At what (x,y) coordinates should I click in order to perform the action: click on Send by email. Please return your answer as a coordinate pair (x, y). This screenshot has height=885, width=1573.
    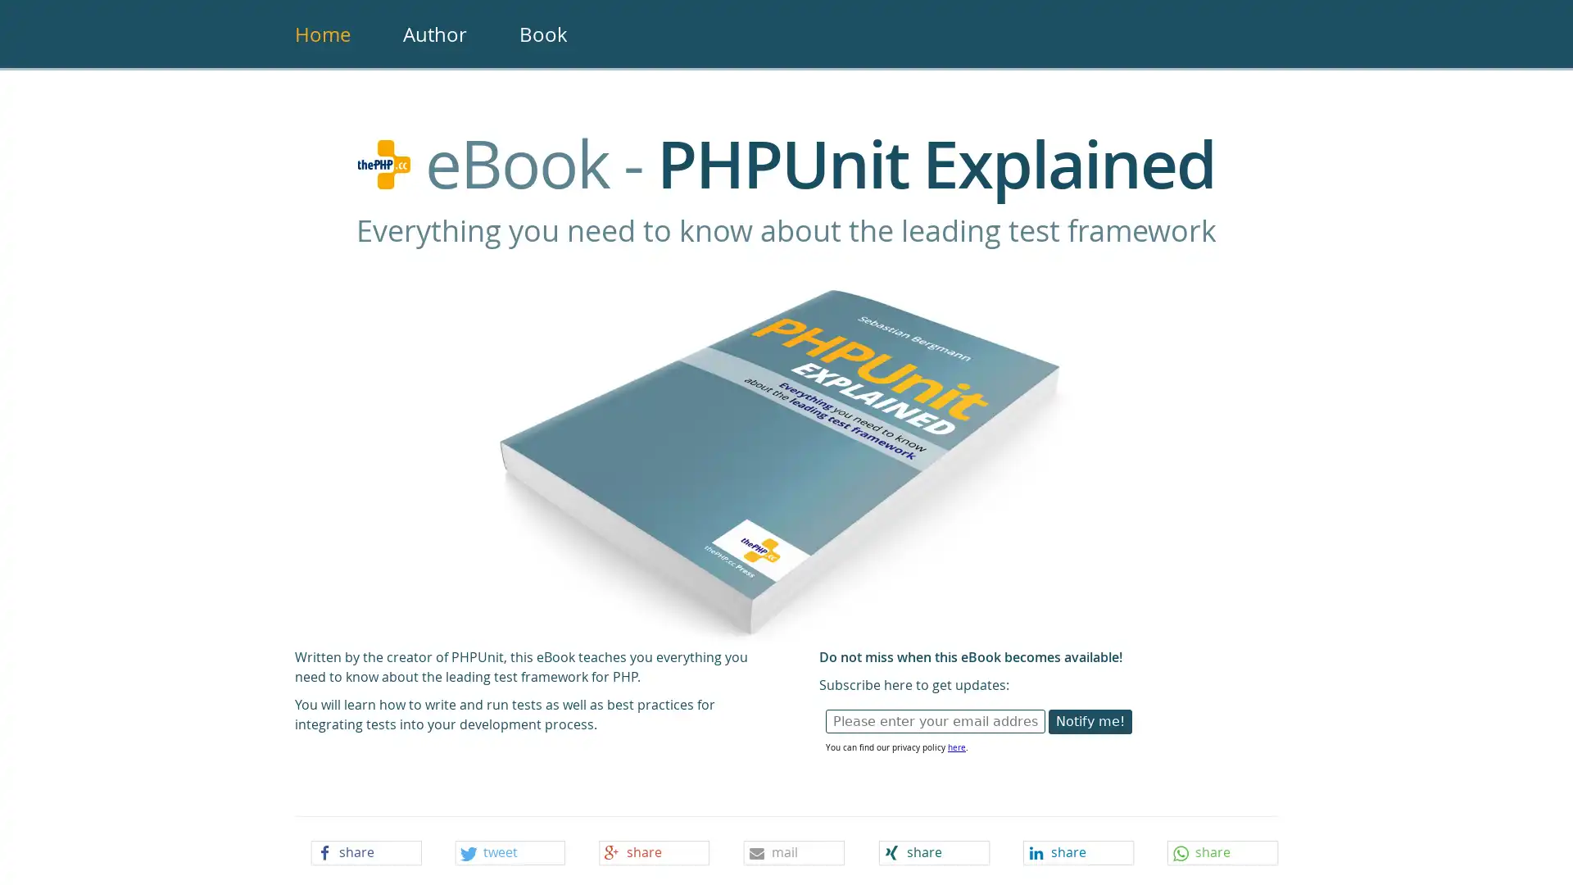
    Looking at the image, I should click on (794, 852).